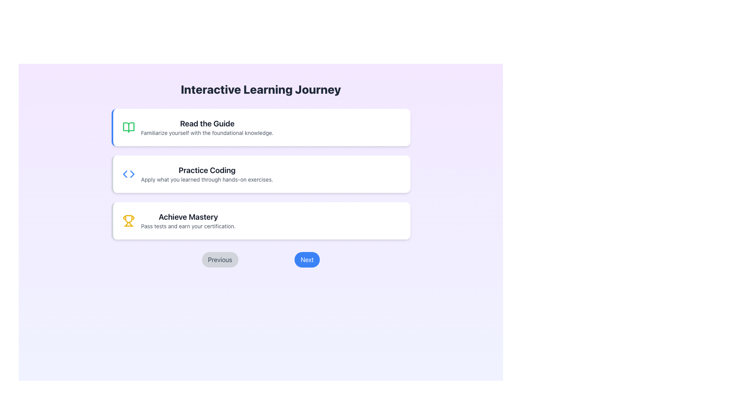  Describe the element at coordinates (188, 220) in the screenshot. I see `the informational heading text element located below the 'Practice Coding' section` at that location.